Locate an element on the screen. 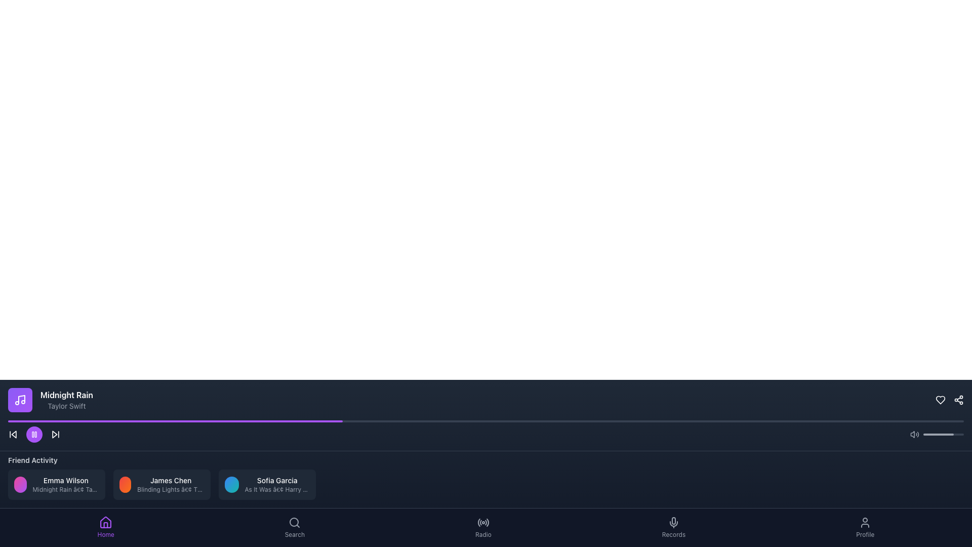 This screenshot has width=972, height=547. the progress bar is located at coordinates (218, 421).